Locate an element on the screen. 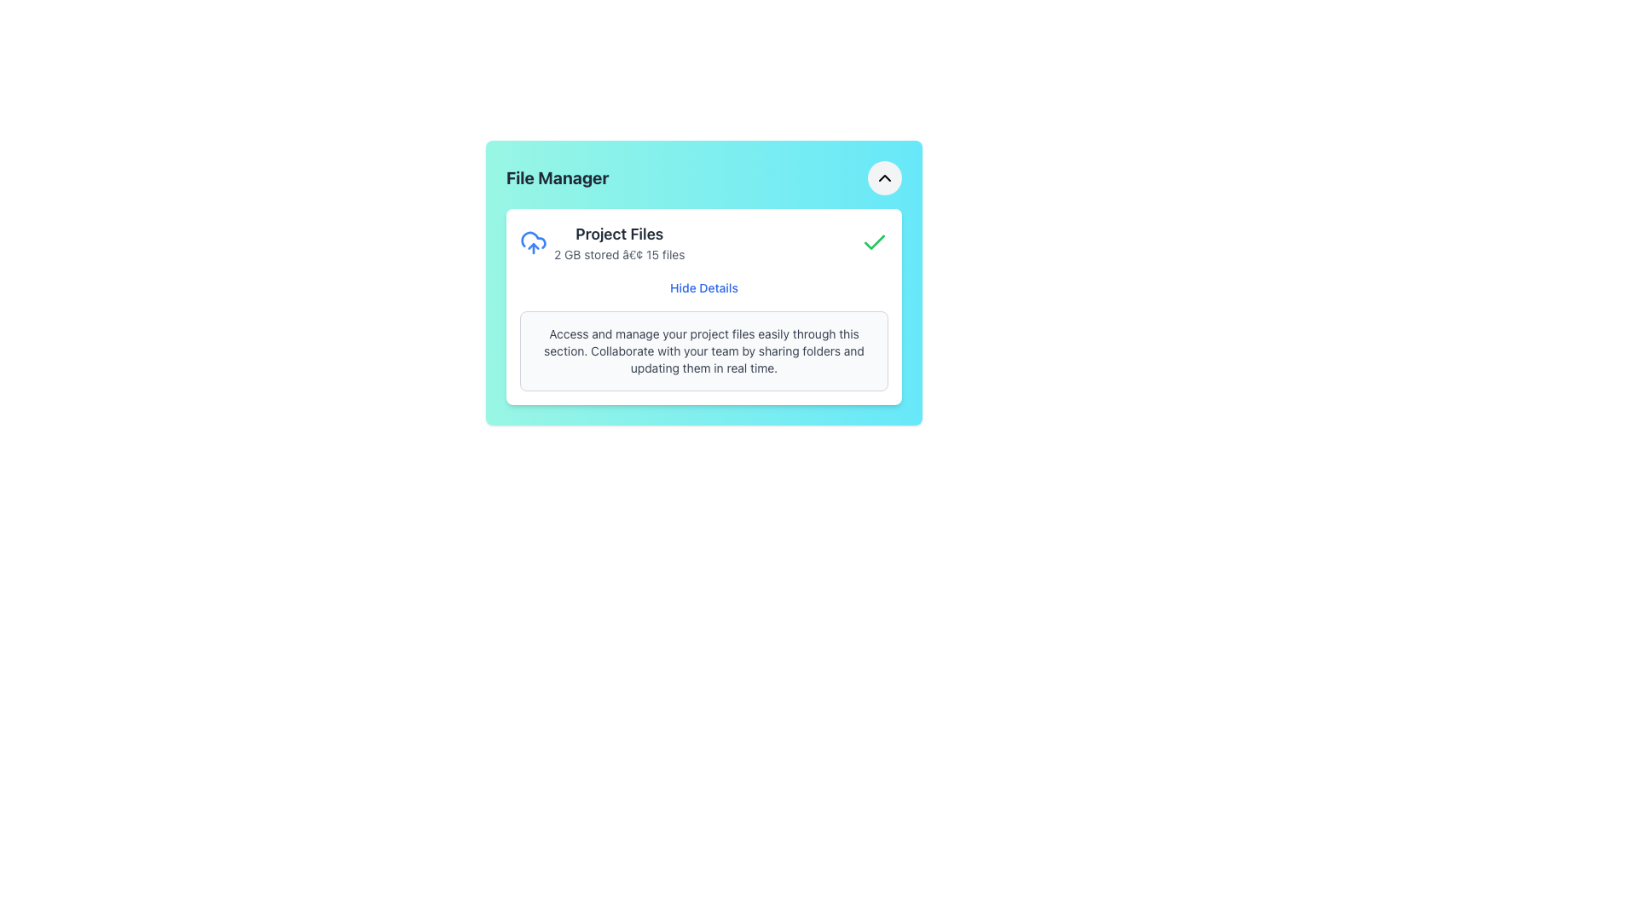  the Informational Text Block located below the 'Hide Details' link within the 'Project Files' section, which provides details about accessing and managing project files is located at coordinates (703, 350).